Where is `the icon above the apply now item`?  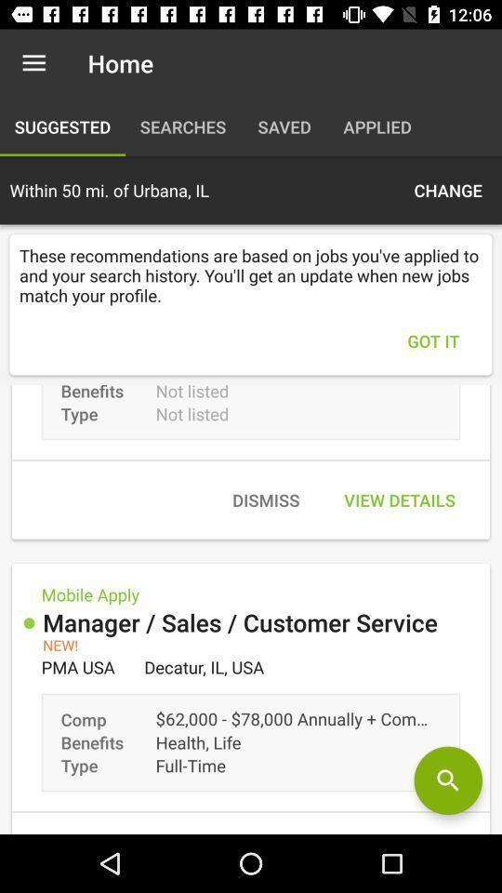
the icon above the apply now item is located at coordinates (447, 780).